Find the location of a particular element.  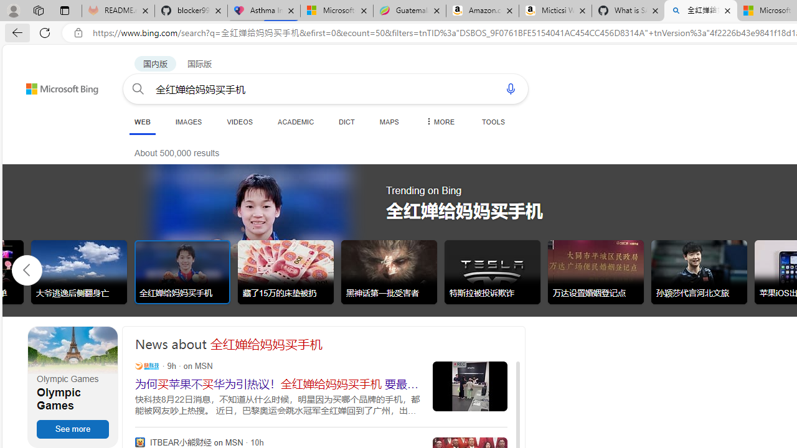

'Asthma Inhalers: Names and Types' is located at coordinates (263, 11).